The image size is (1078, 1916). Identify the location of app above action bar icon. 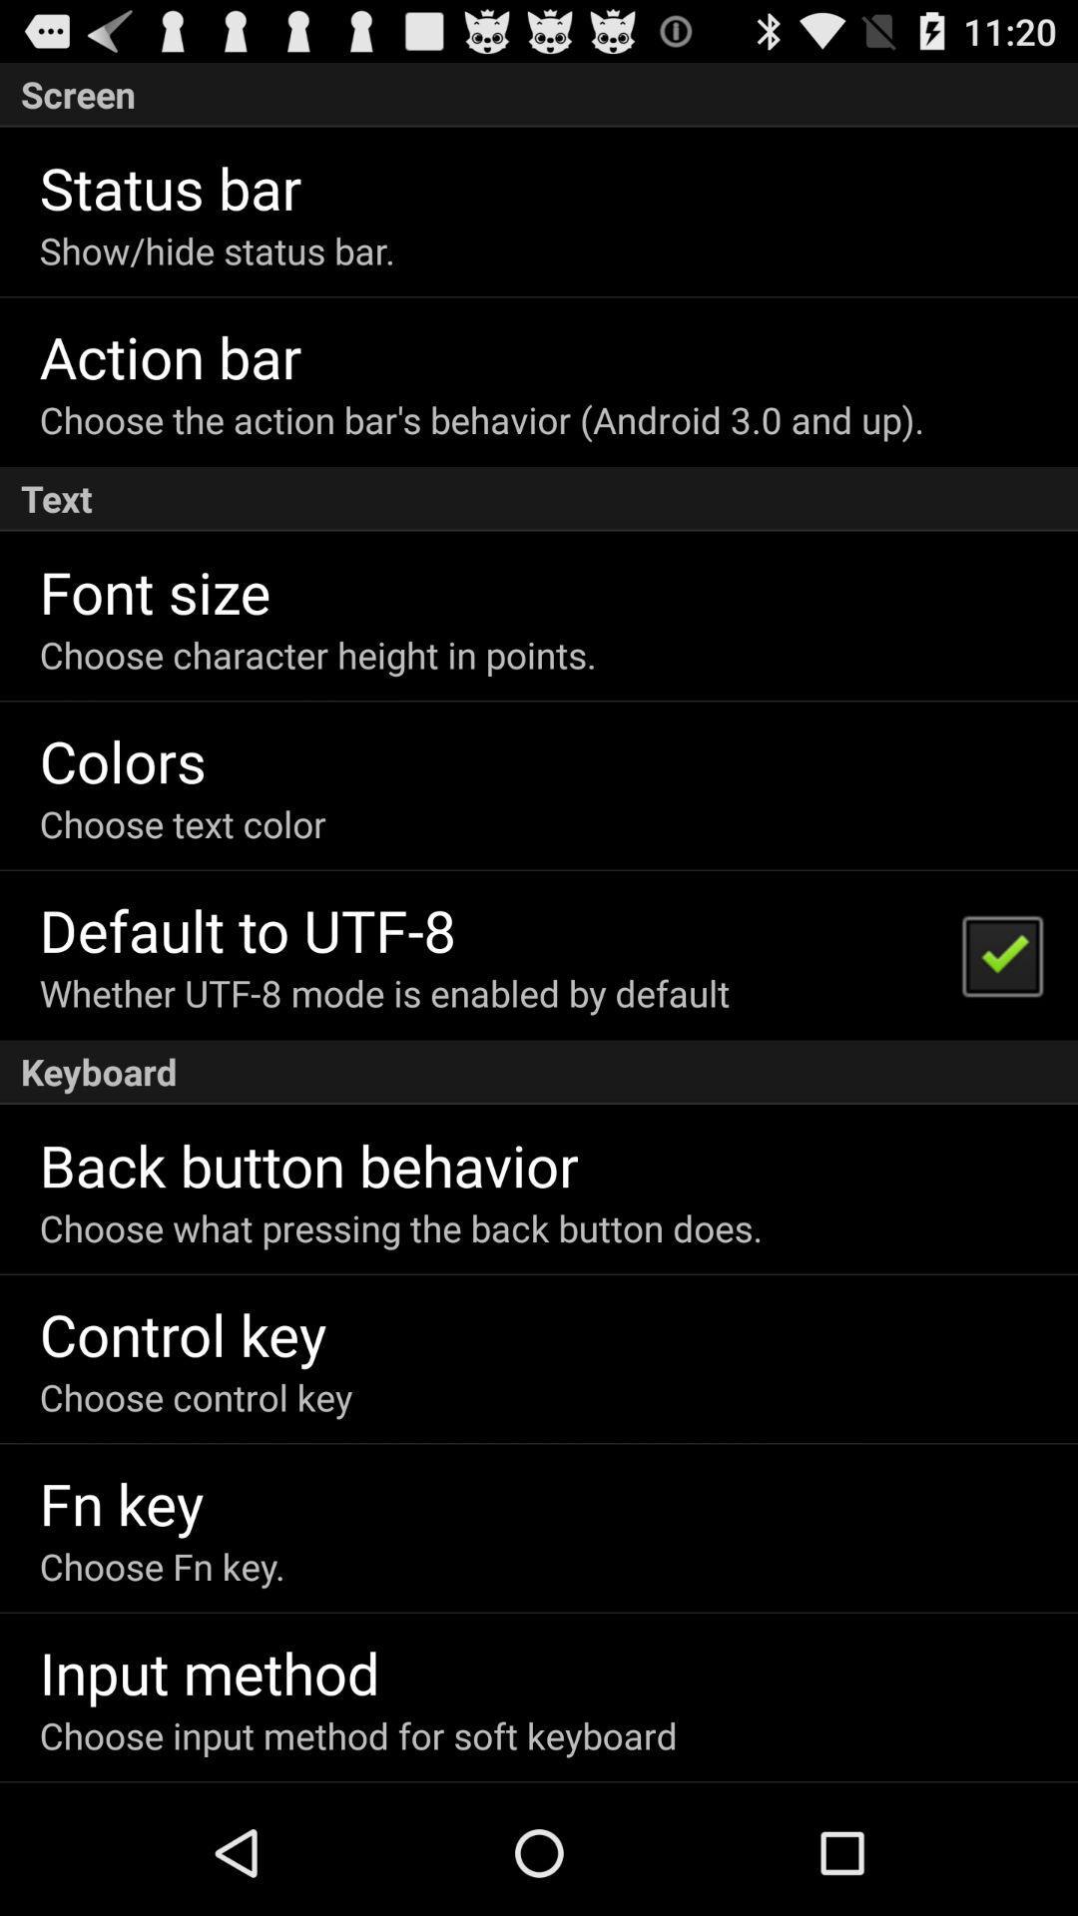
(217, 249).